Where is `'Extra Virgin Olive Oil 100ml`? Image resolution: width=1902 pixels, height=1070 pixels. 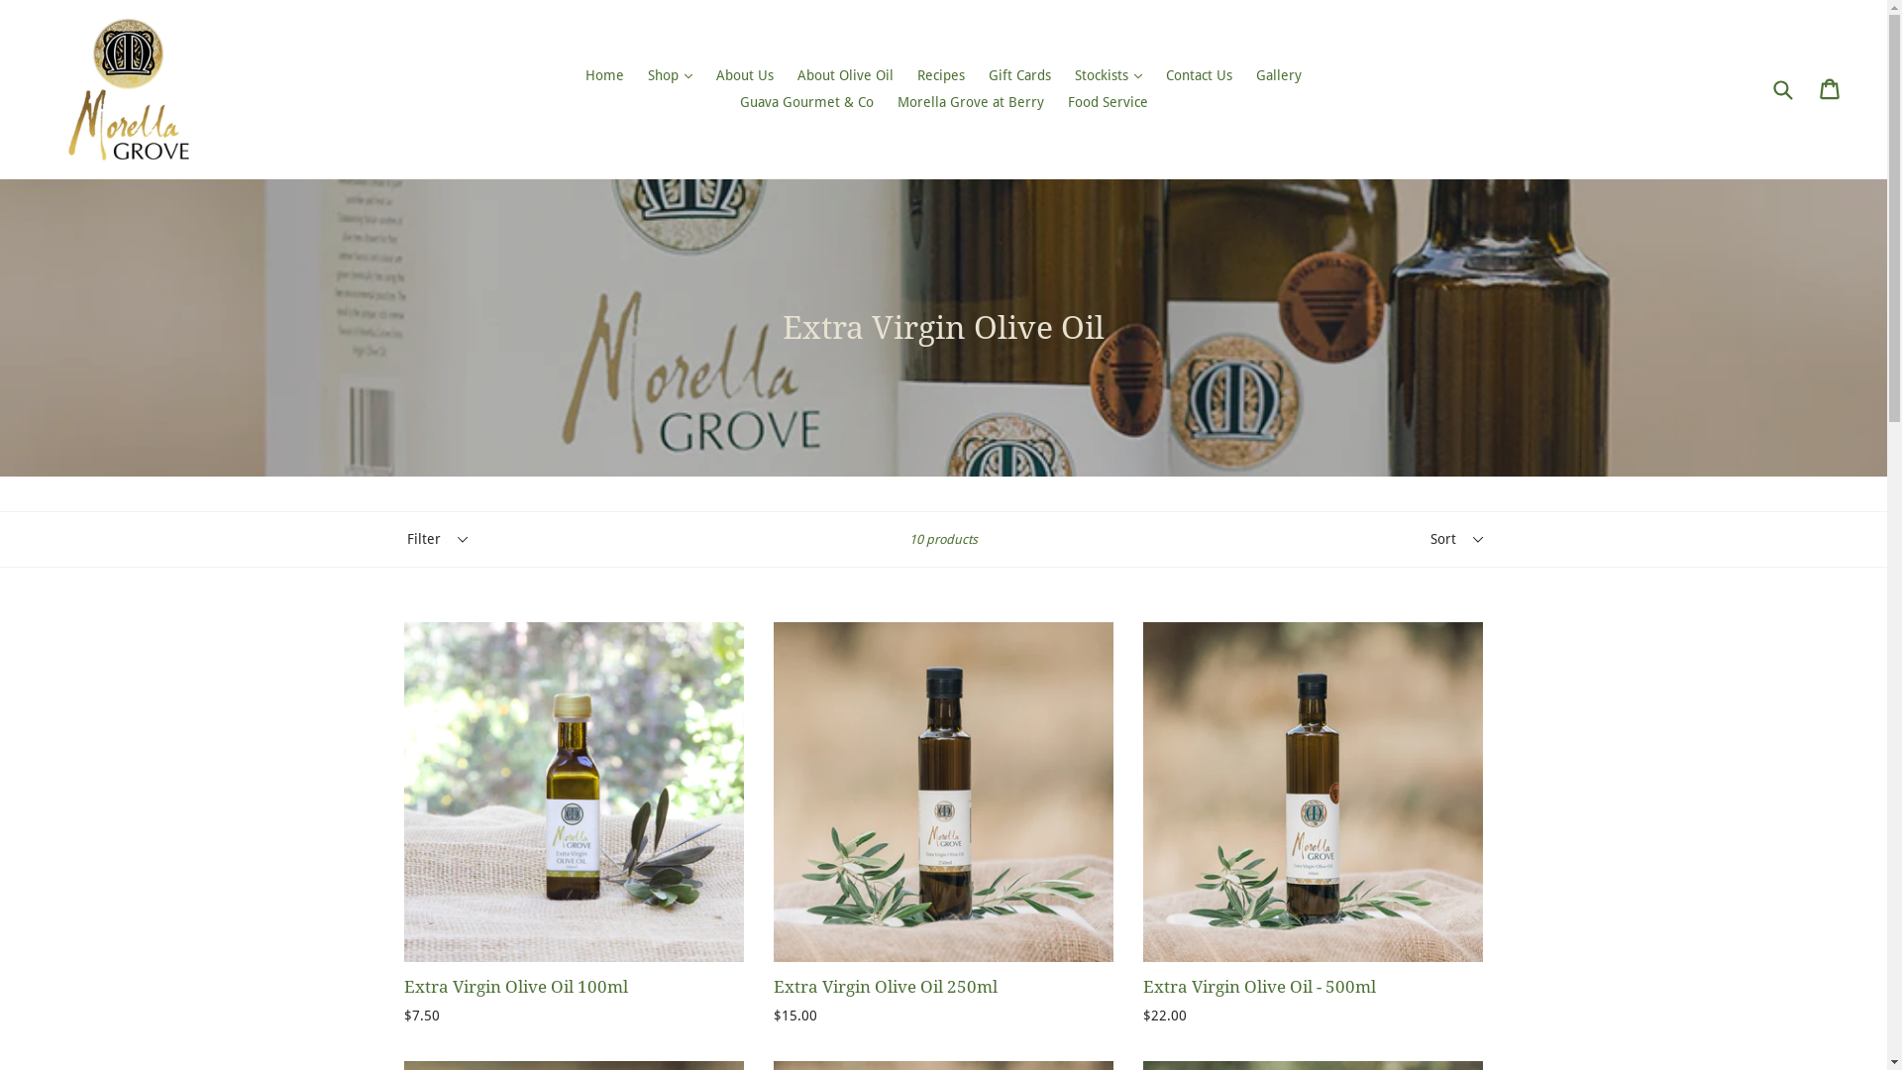
'Extra Virgin Olive Oil 100ml is located at coordinates (573, 824).